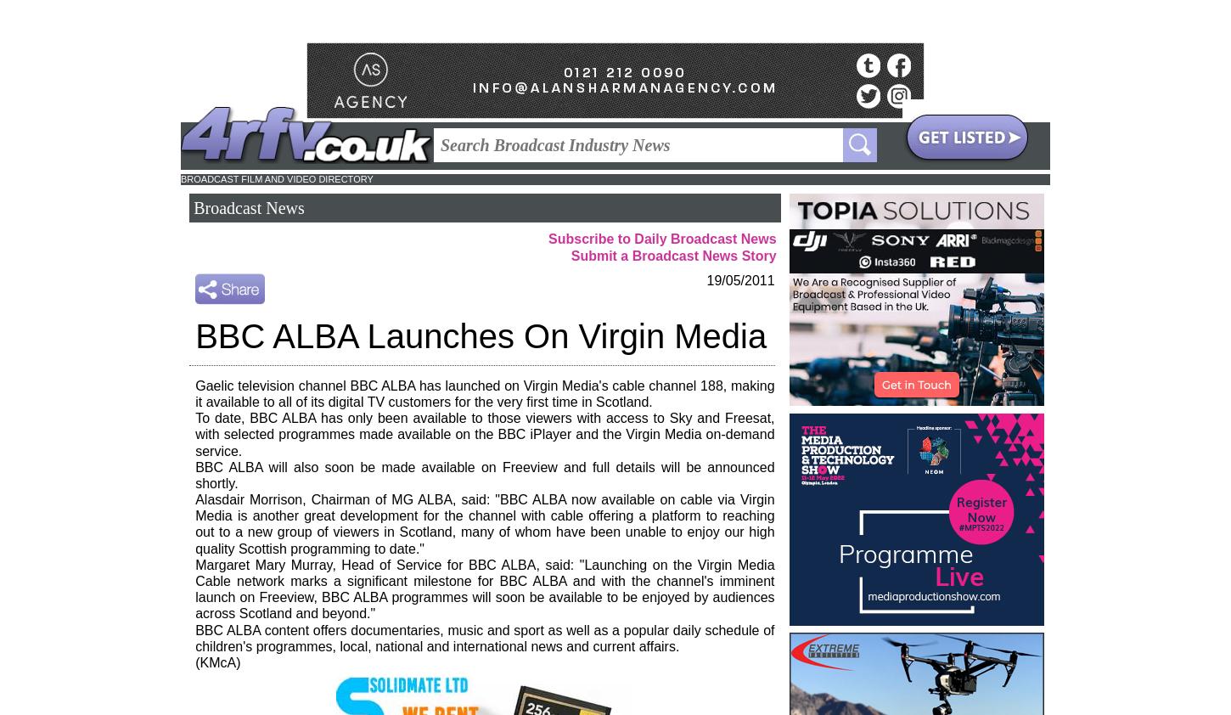 This screenshot has height=715, width=1231. What do you see at coordinates (661, 239) in the screenshot?
I see `'Subscribe to Daily Broadcast News'` at bounding box center [661, 239].